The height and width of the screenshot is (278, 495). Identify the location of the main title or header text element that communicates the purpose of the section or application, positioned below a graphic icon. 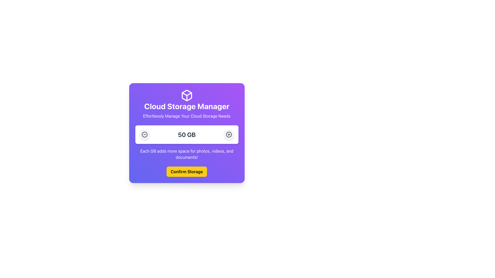
(186, 106).